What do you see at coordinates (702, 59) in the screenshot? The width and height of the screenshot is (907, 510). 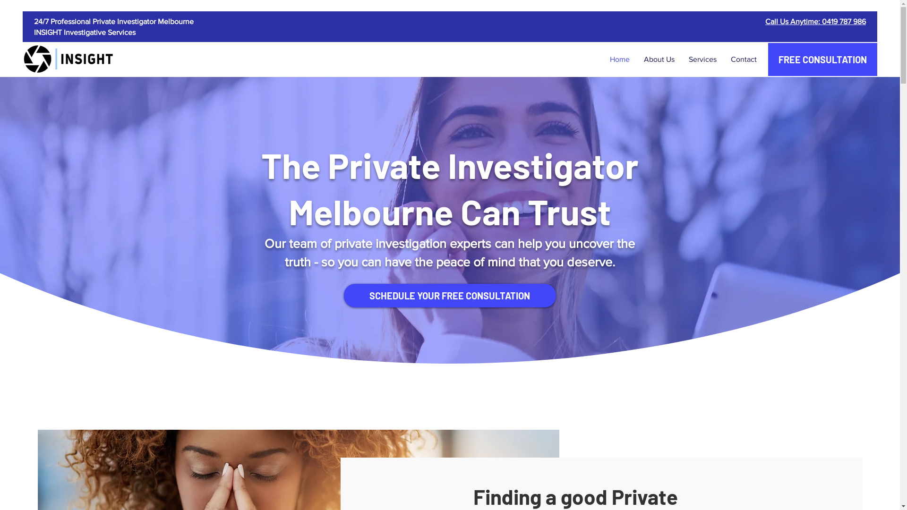 I see `'Services'` at bounding box center [702, 59].